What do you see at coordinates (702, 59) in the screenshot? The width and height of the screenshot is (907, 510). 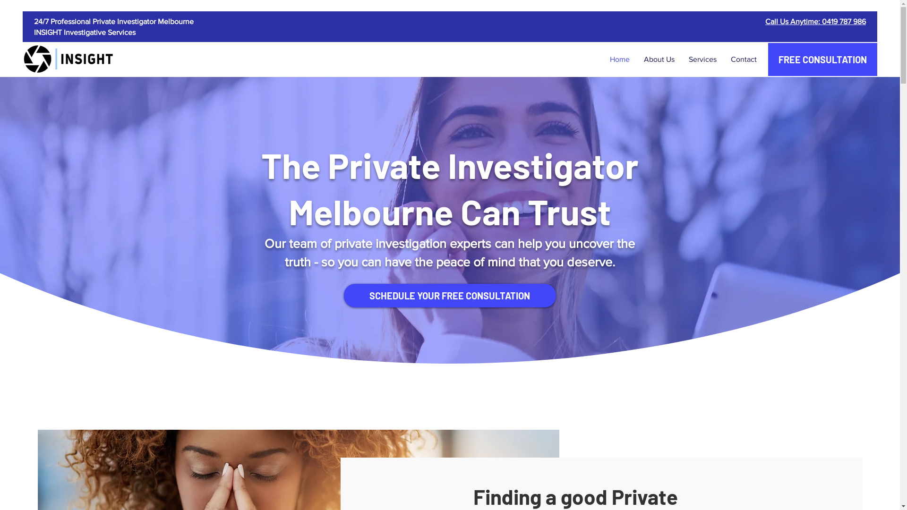 I see `'Services'` at bounding box center [702, 59].